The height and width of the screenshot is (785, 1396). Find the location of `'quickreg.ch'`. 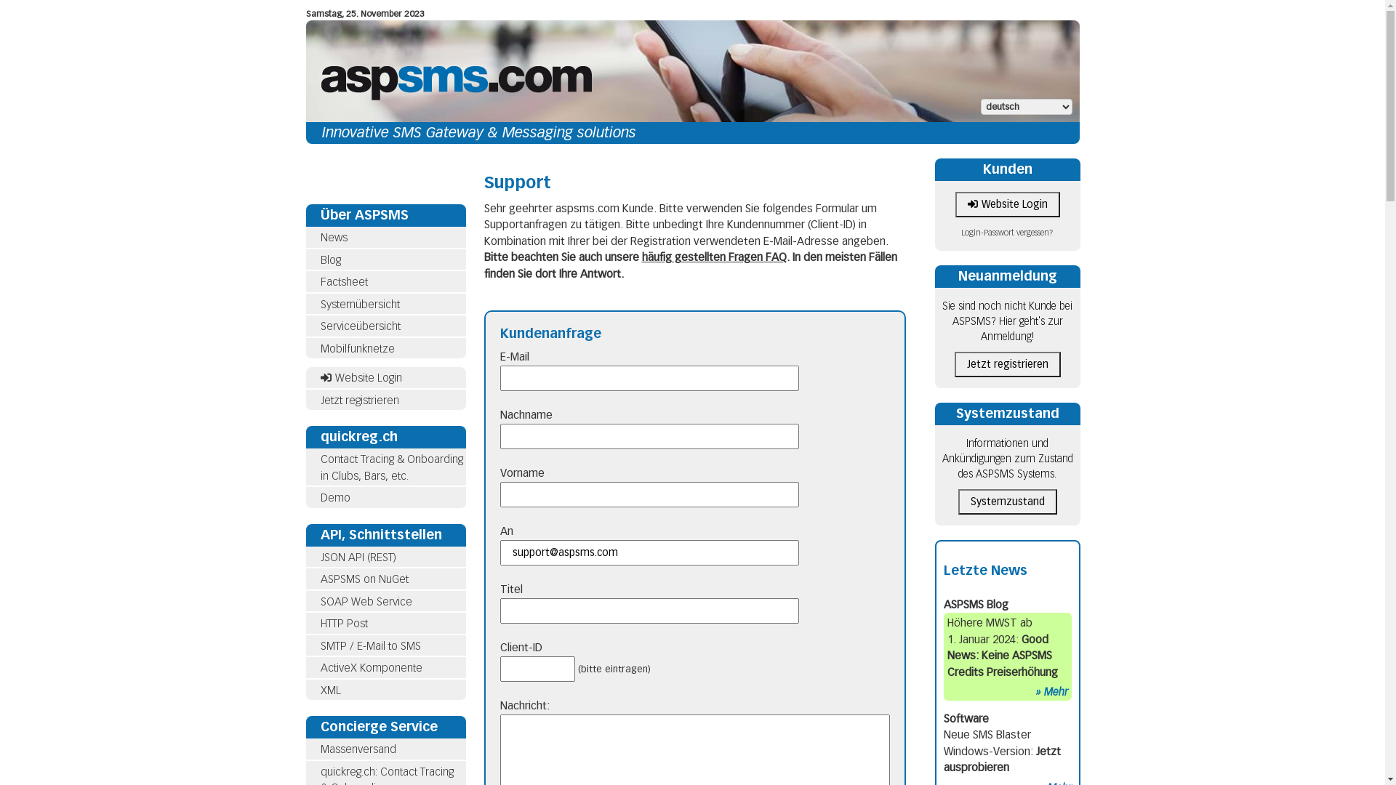

'quickreg.ch' is located at coordinates (385, 436).